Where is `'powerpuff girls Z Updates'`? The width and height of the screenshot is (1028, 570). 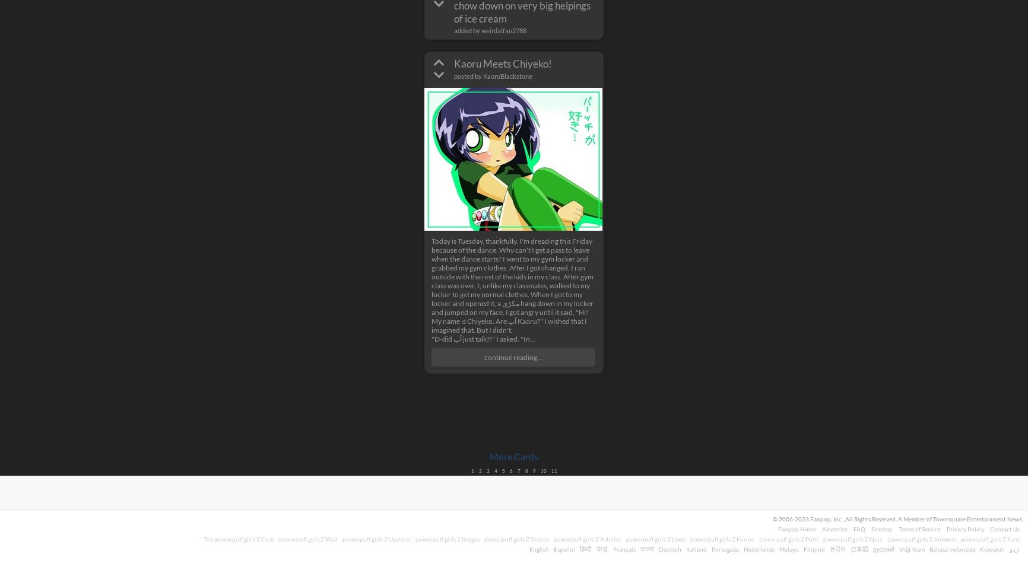 'powerpuff girls Z Updates' is located at coordinates (376, 537).